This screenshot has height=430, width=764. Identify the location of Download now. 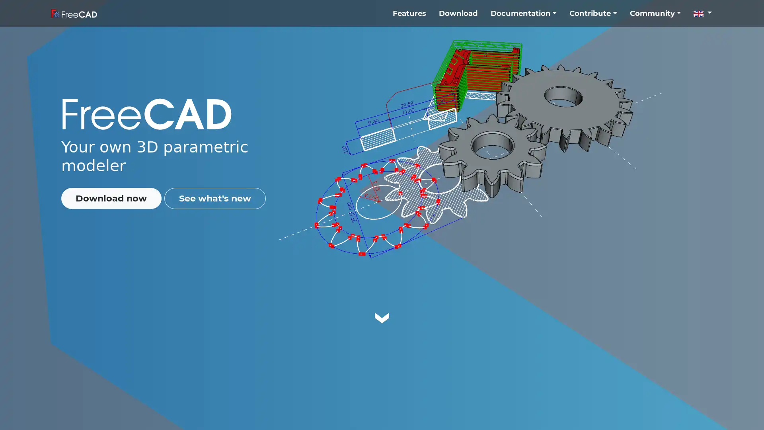
(111, 197).